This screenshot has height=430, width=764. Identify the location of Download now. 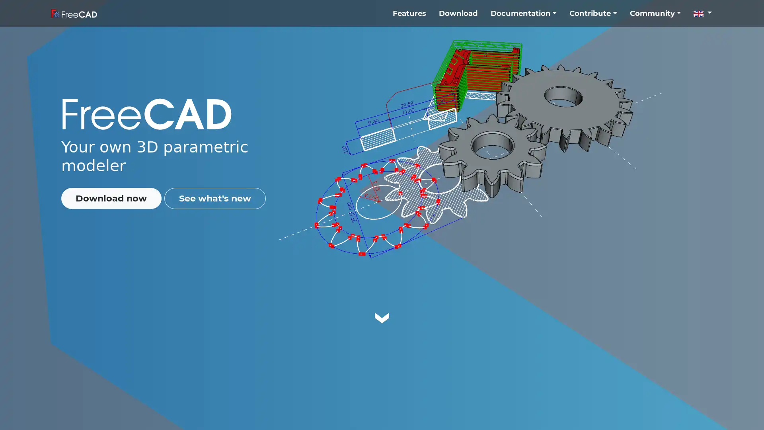
(111, 197).